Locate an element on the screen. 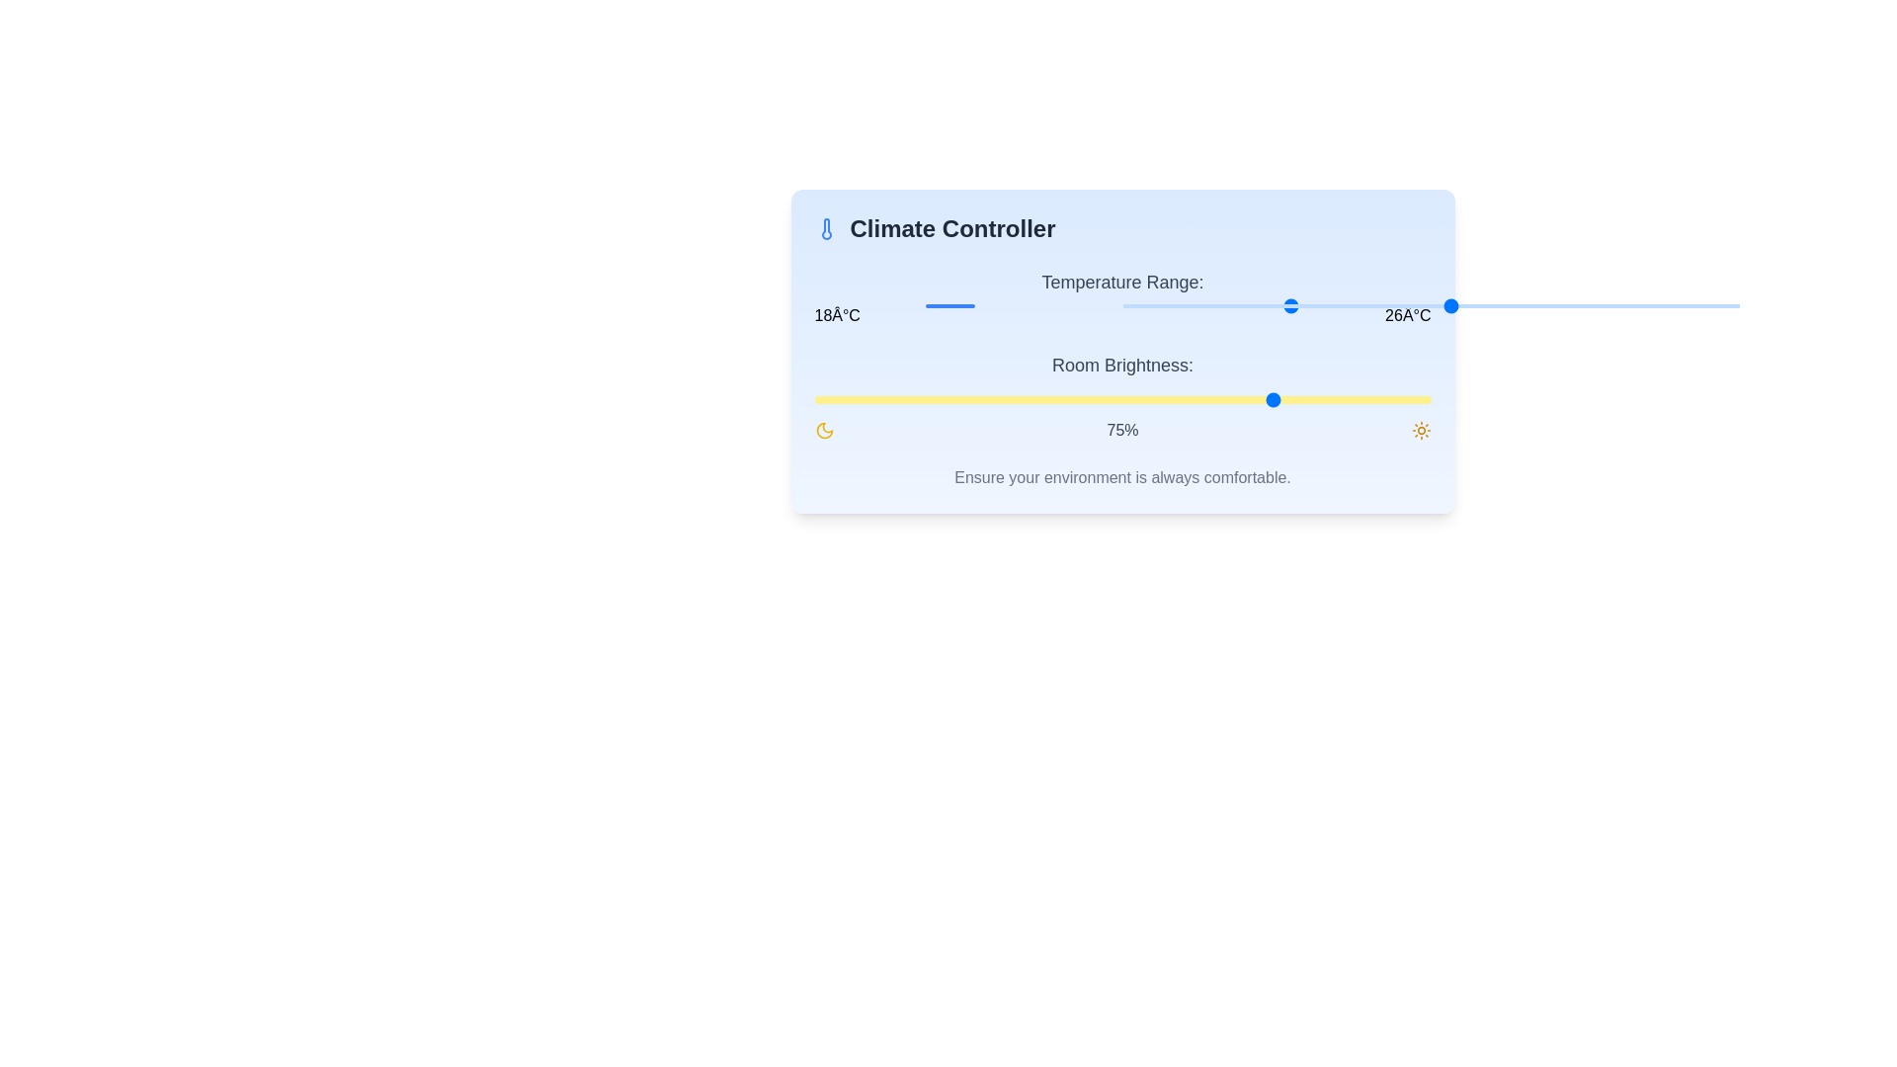 The height and width of the screenshot is (1067, 1897). the static text element located at the bottom of the panel under the 'Room Brightness' section, which provides information about the functionality of the options above is located at coordinates (1122, 477).